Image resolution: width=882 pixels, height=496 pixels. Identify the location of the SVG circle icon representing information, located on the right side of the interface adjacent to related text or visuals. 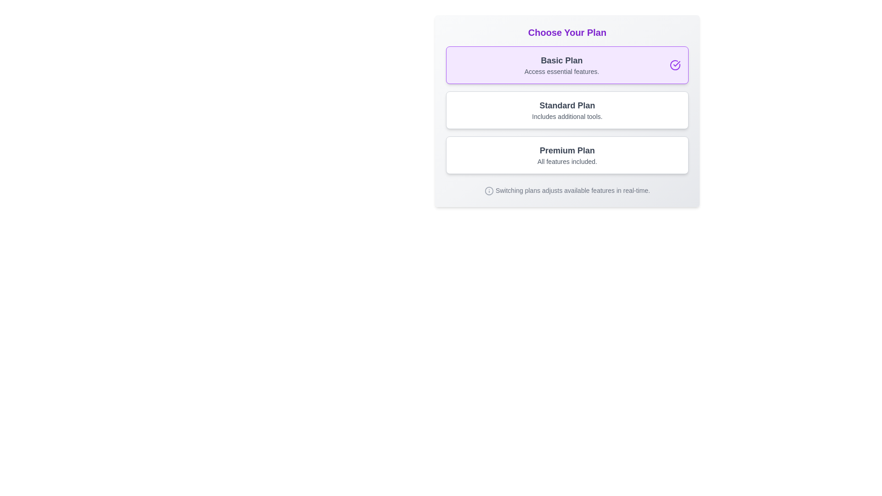
(488, 190).